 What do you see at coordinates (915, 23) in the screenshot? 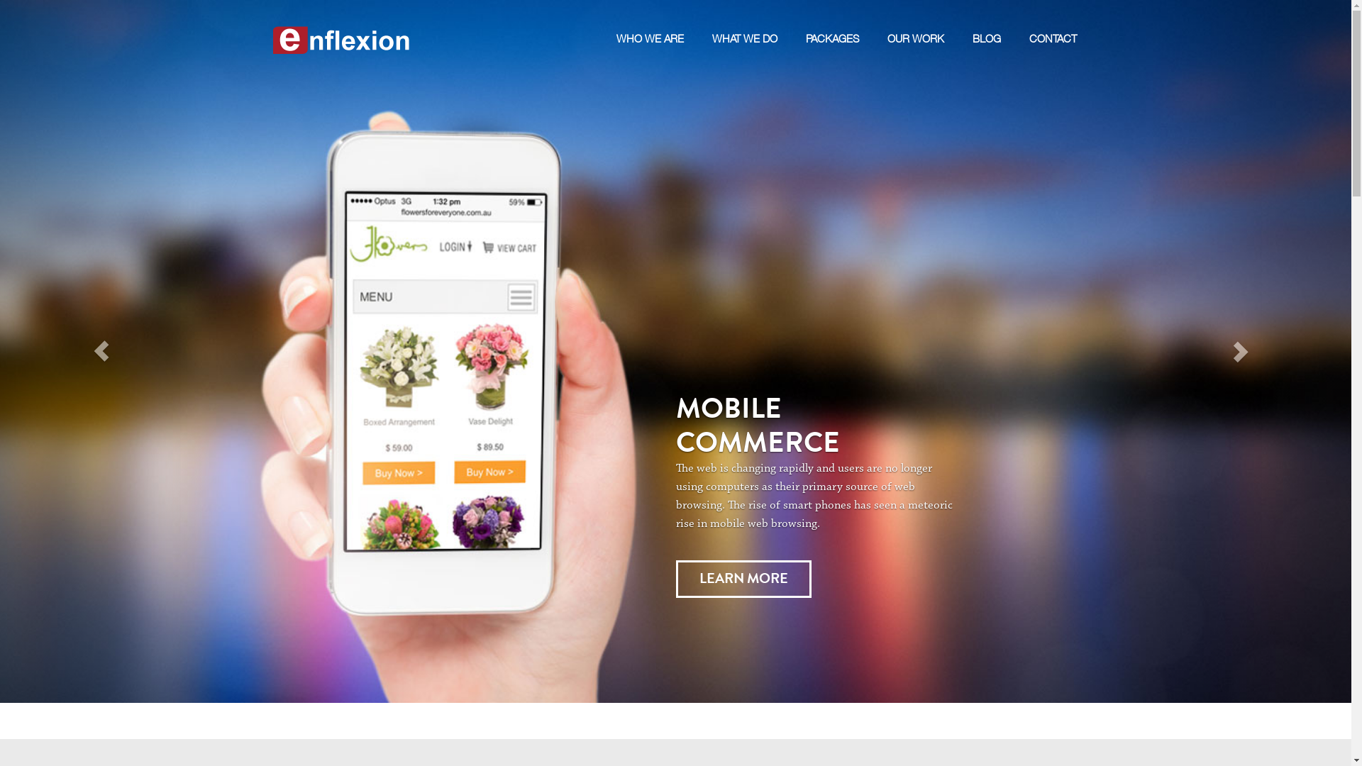
I see `'OUR WORK'` at bounding box center [915, 23].